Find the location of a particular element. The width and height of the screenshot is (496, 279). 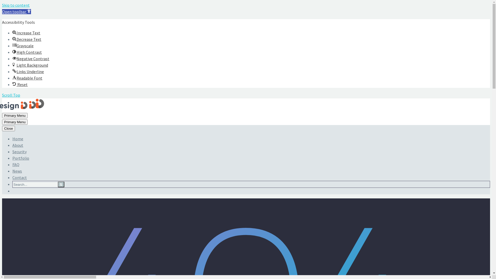

'Scroll Top' is located at coordinates (11, 95).